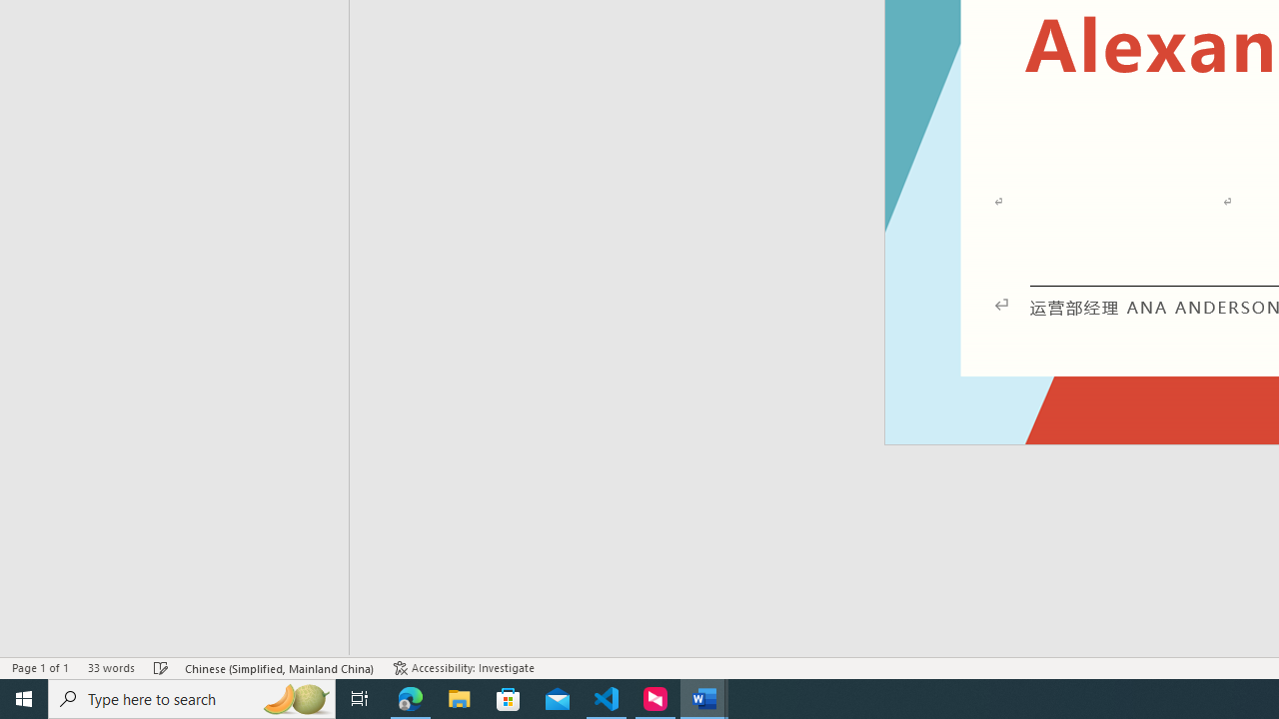 The image size is (1279, 719). What do you see at coordinates (459, 697) in the screenshot?
I see `'File Explorer'` at bounding box center [459, 697].